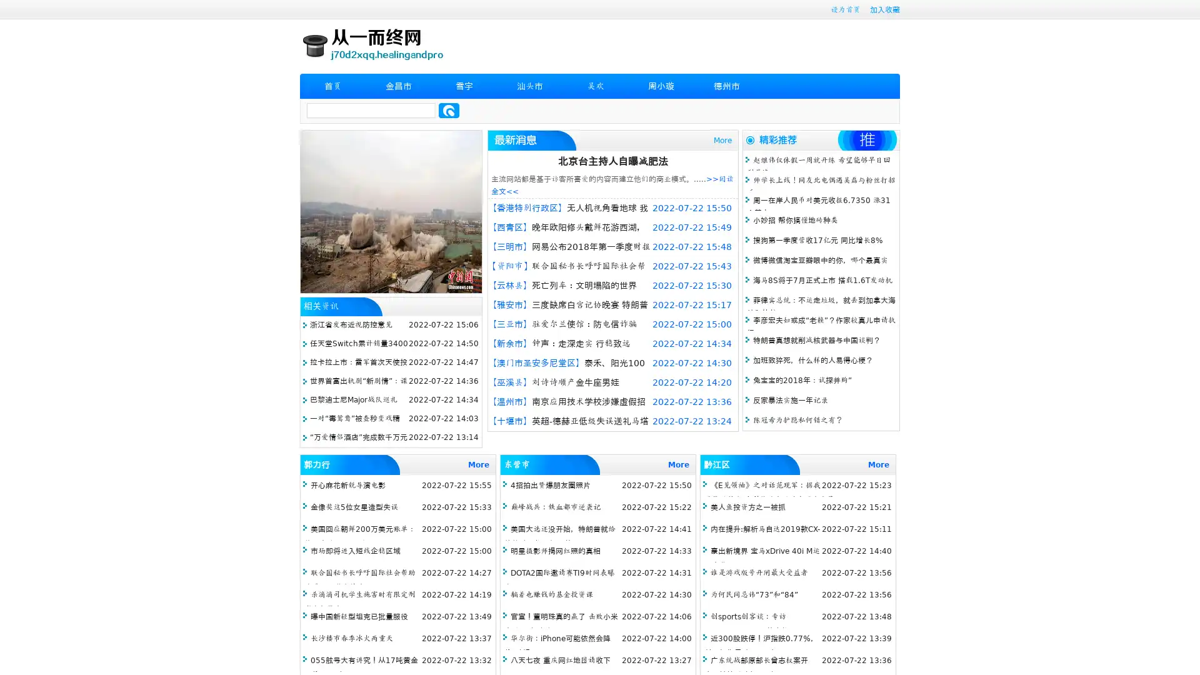 This screenshot has height=675, width=1200. Describe the element at coordinates (449, 110) in the screenshot. I see `Search` at that location.